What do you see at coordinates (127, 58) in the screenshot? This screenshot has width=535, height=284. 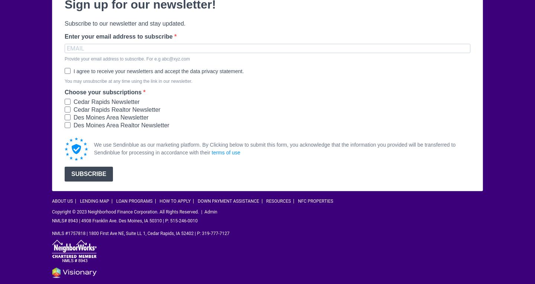 I see `'Provide your email address to subscribe. For e.g abc@xyz.com'` at bounding box center [127, 58].